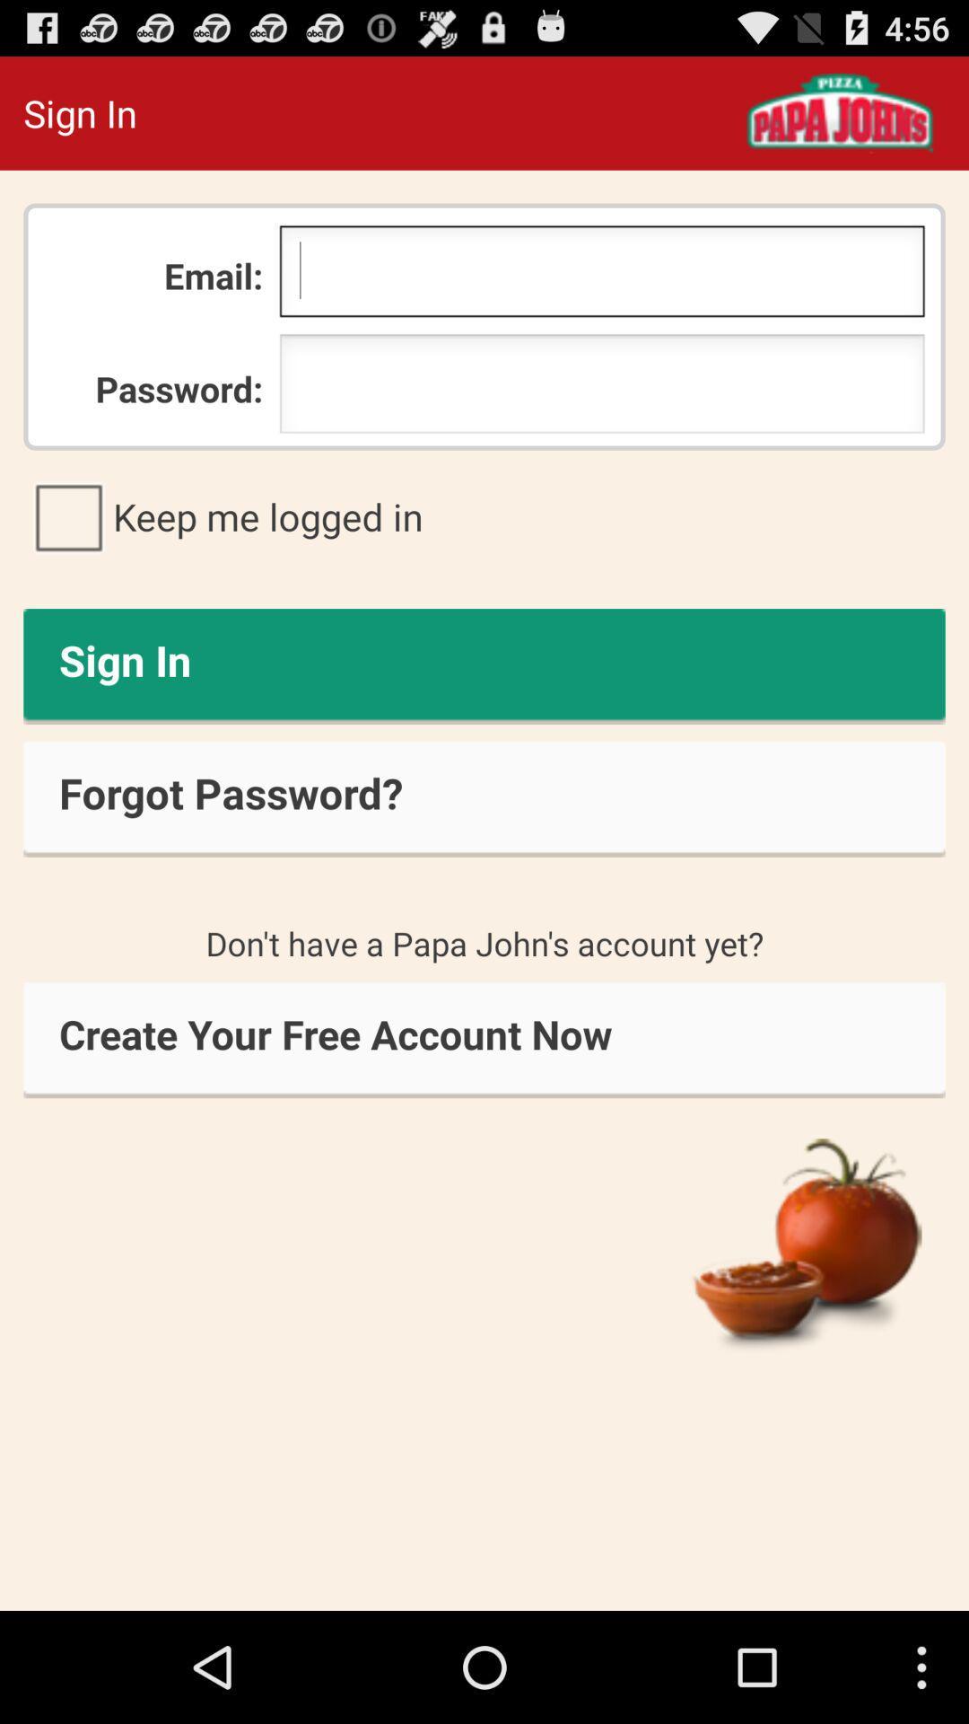  Describe the element at coordinates (484, 515) in the screenshot. I see `icon above the sign in item` at that location.